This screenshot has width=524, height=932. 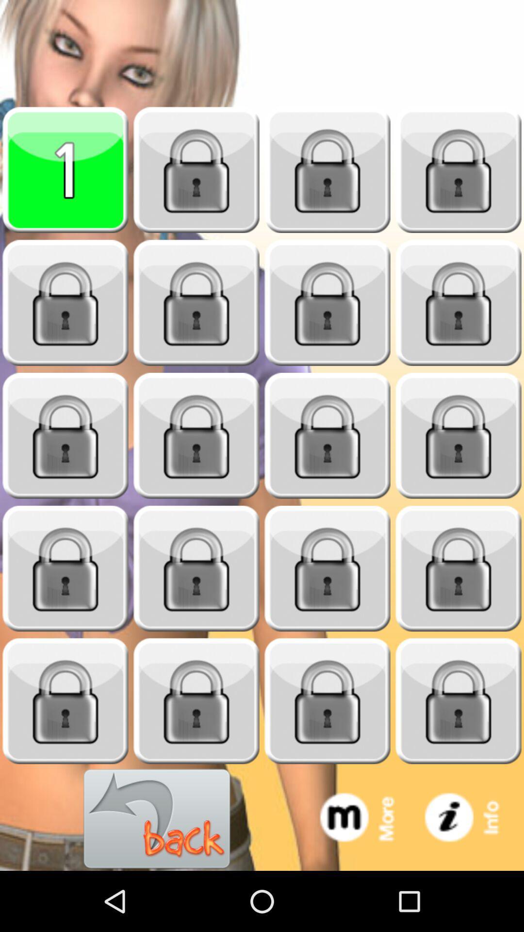 I want to click on blok, so click(x=327, y=170).